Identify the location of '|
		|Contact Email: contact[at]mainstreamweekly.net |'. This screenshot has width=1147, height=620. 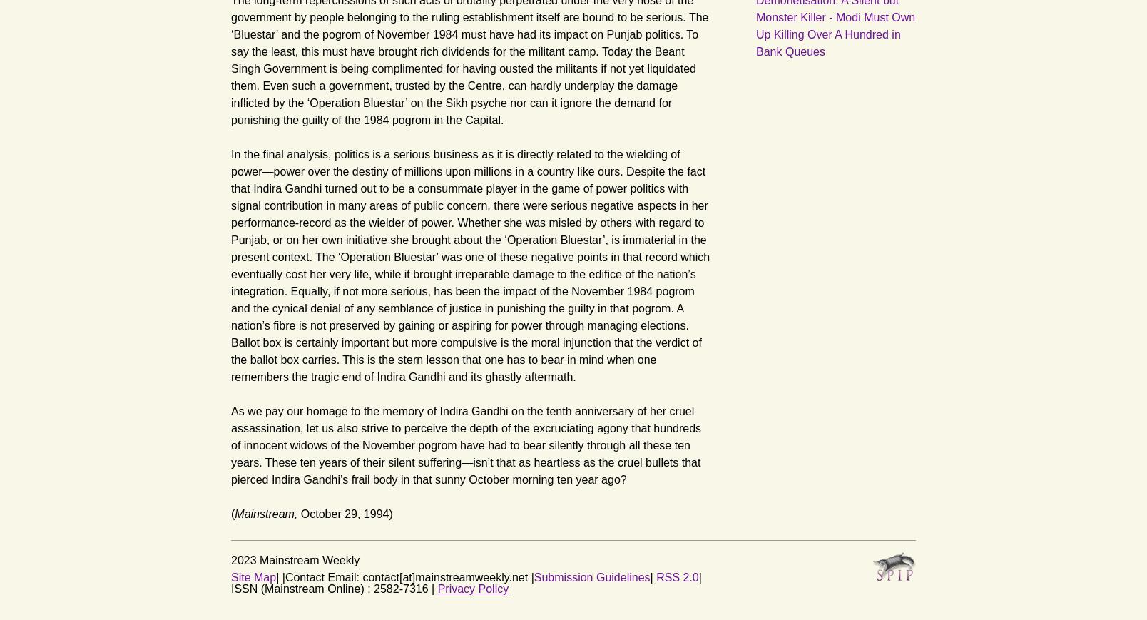
(404, 576).